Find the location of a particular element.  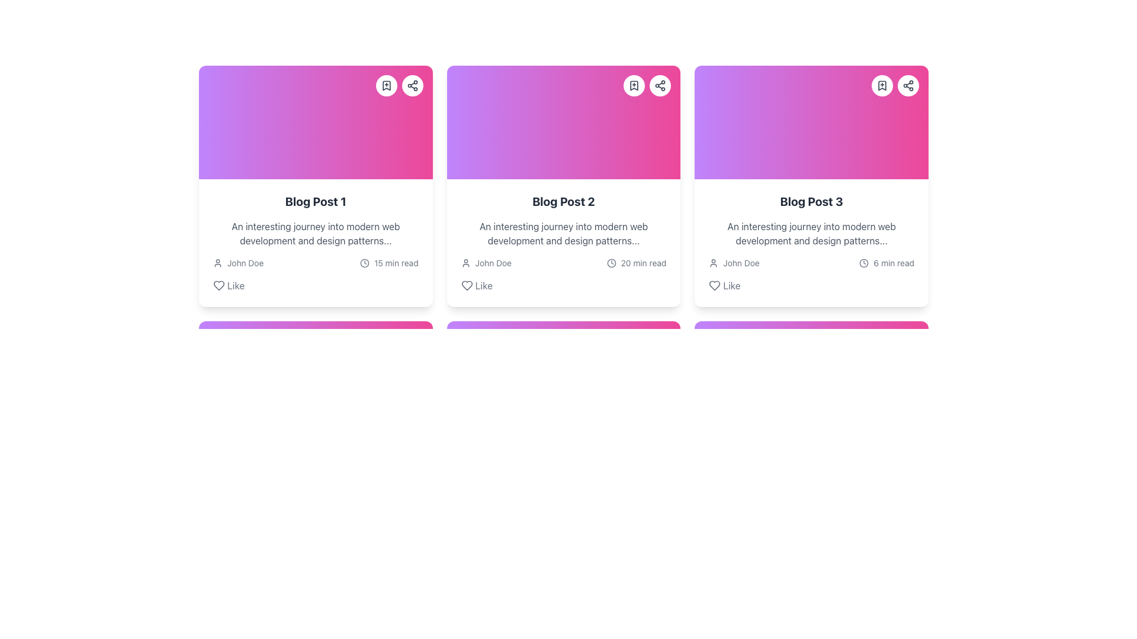

the heart-shaped icon located at the bottom left corner of the first card titled 'Blog Post 1' is located at coordinates (219, 285).